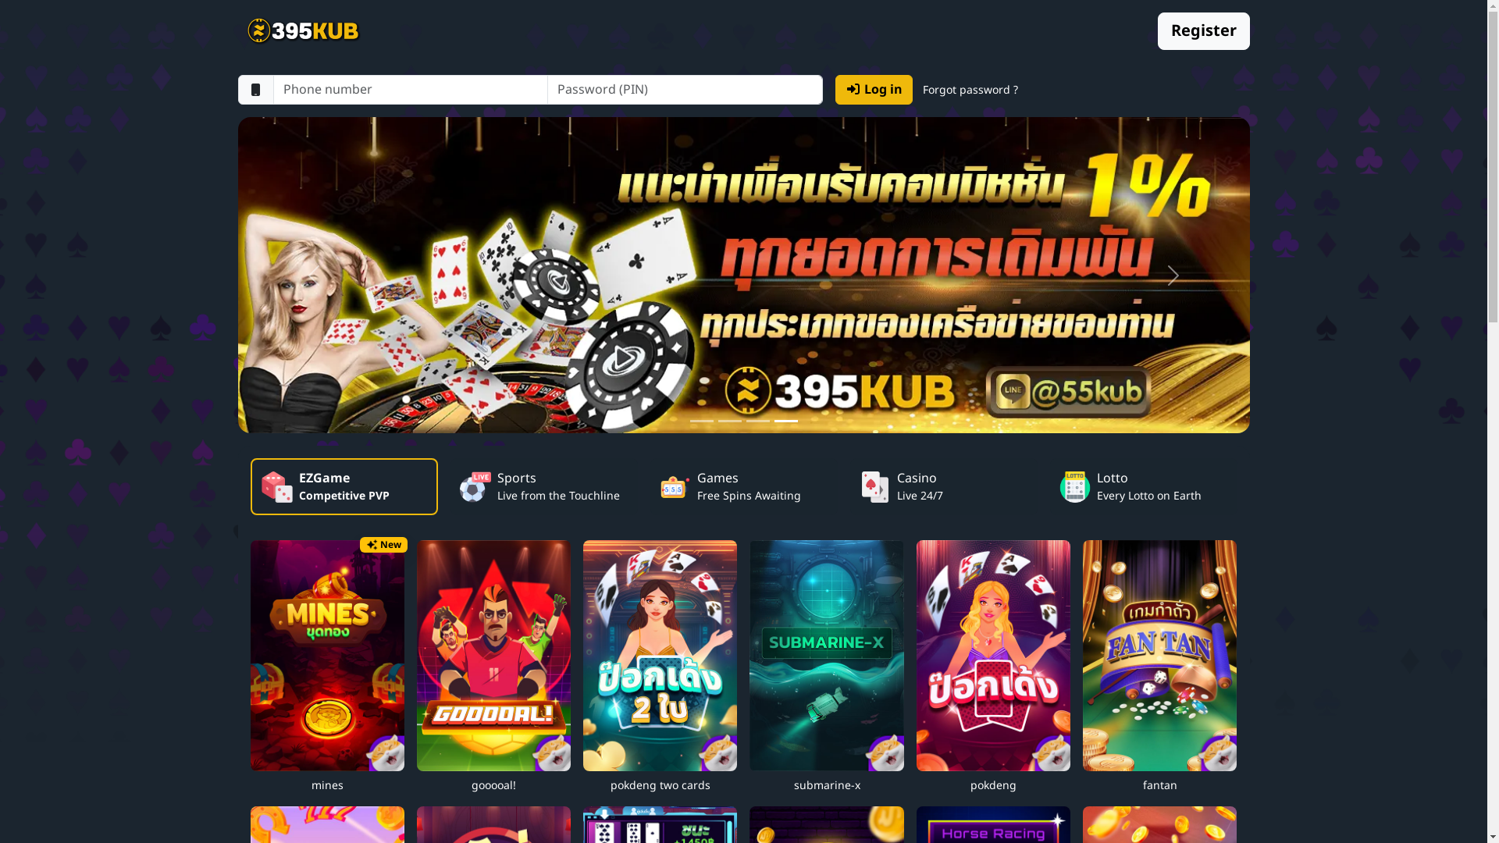 This screenshot has width=1499, height=843. What do you see at coordinates (1097, 274) in the screenshot?
I see `'Next'` at bounding box center [1097, 274].